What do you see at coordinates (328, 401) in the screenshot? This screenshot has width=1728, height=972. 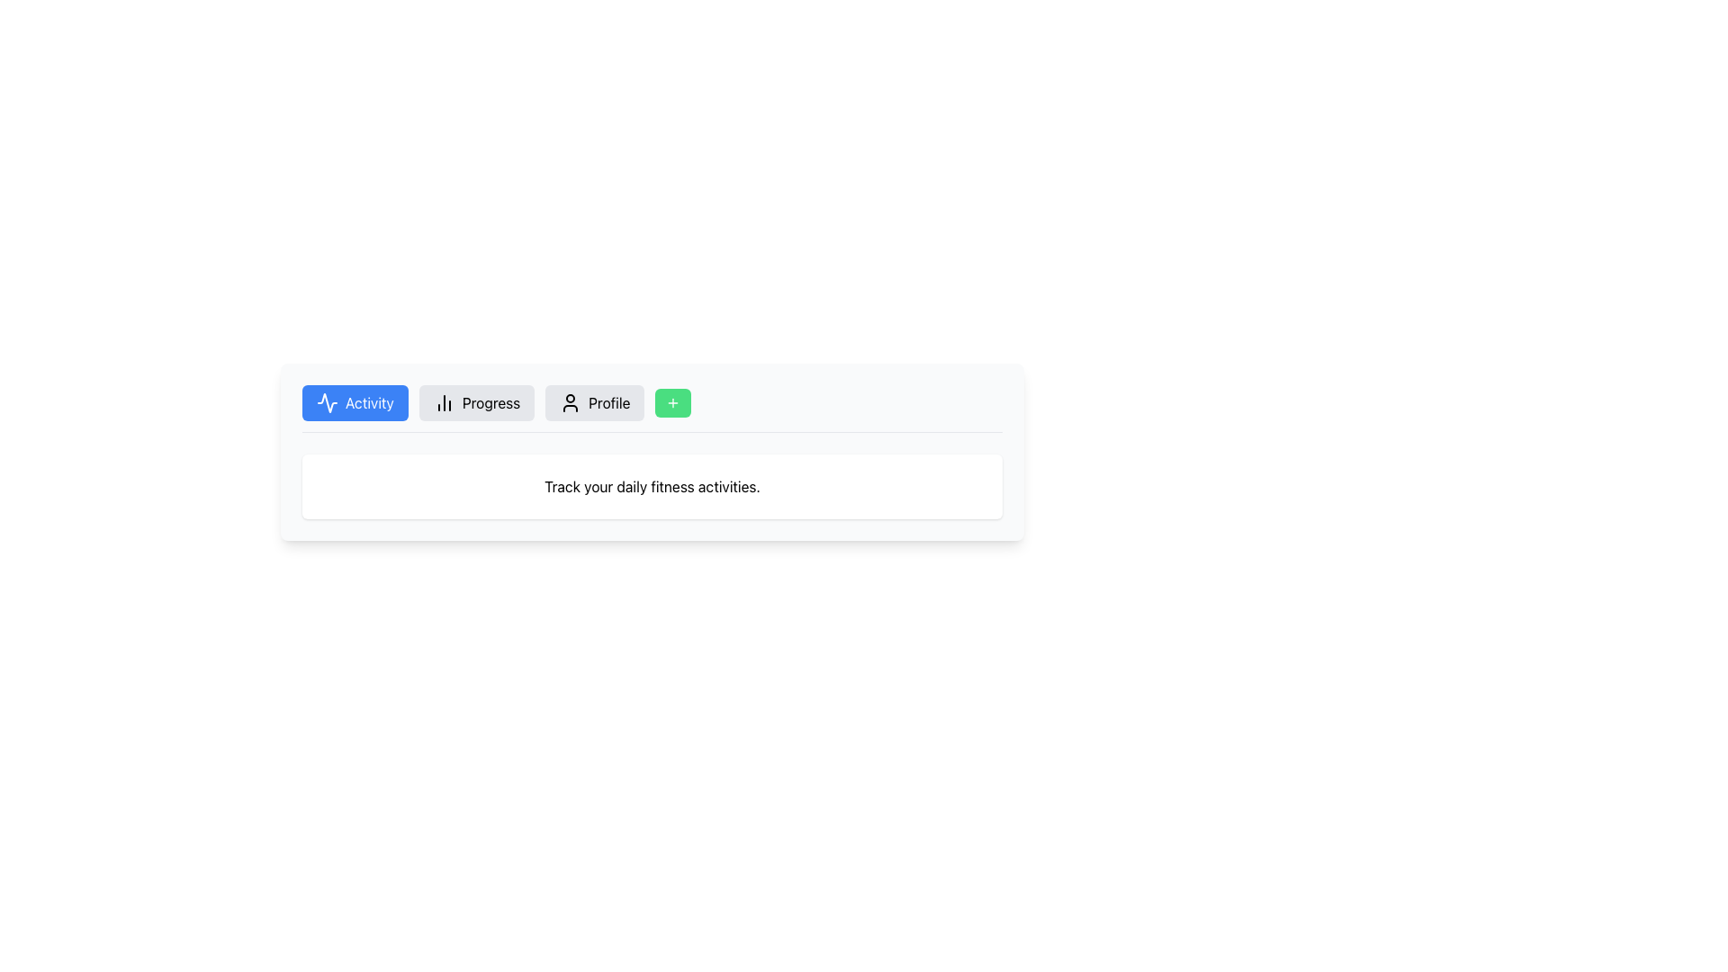 I see `the activity waveform icon located in the first tab labeled 'Activity' in the navigation bar at the top of the visible panel` at bounding box center [328, 401].